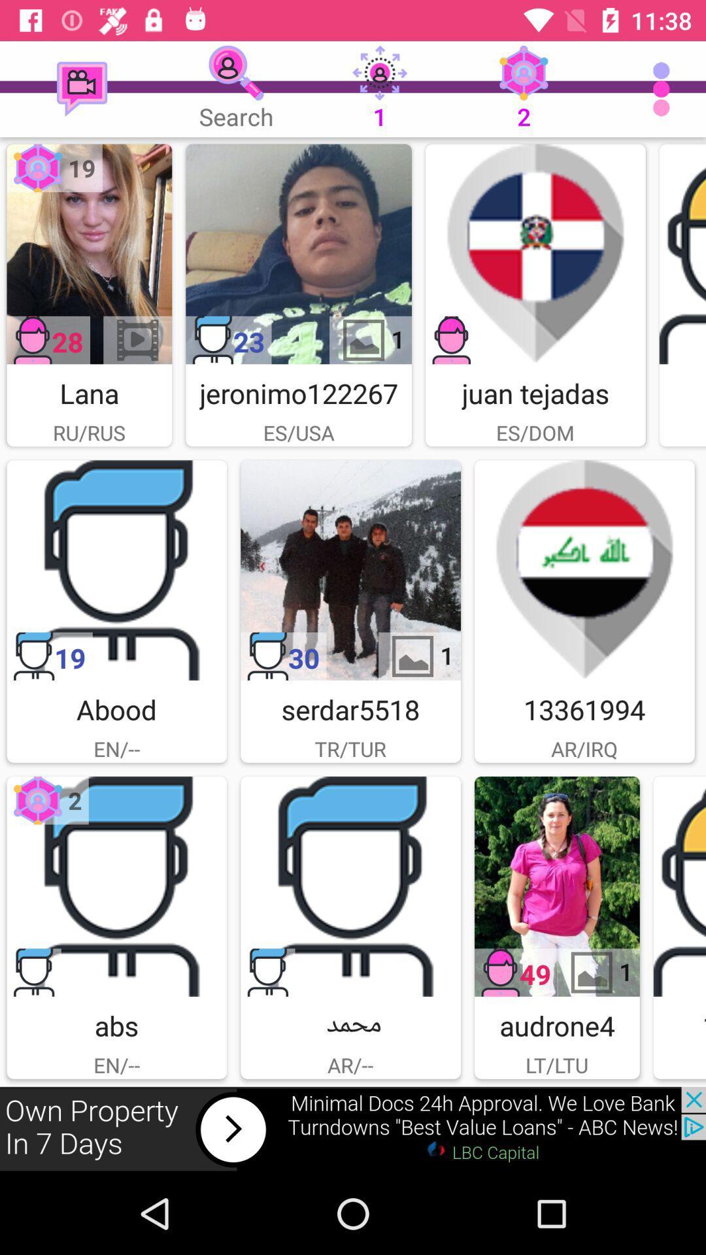 This screenshot has width=706, height=1255. Describe the element at coordinates (350, 570) in the screenshot. I see `advertisement` at that location.